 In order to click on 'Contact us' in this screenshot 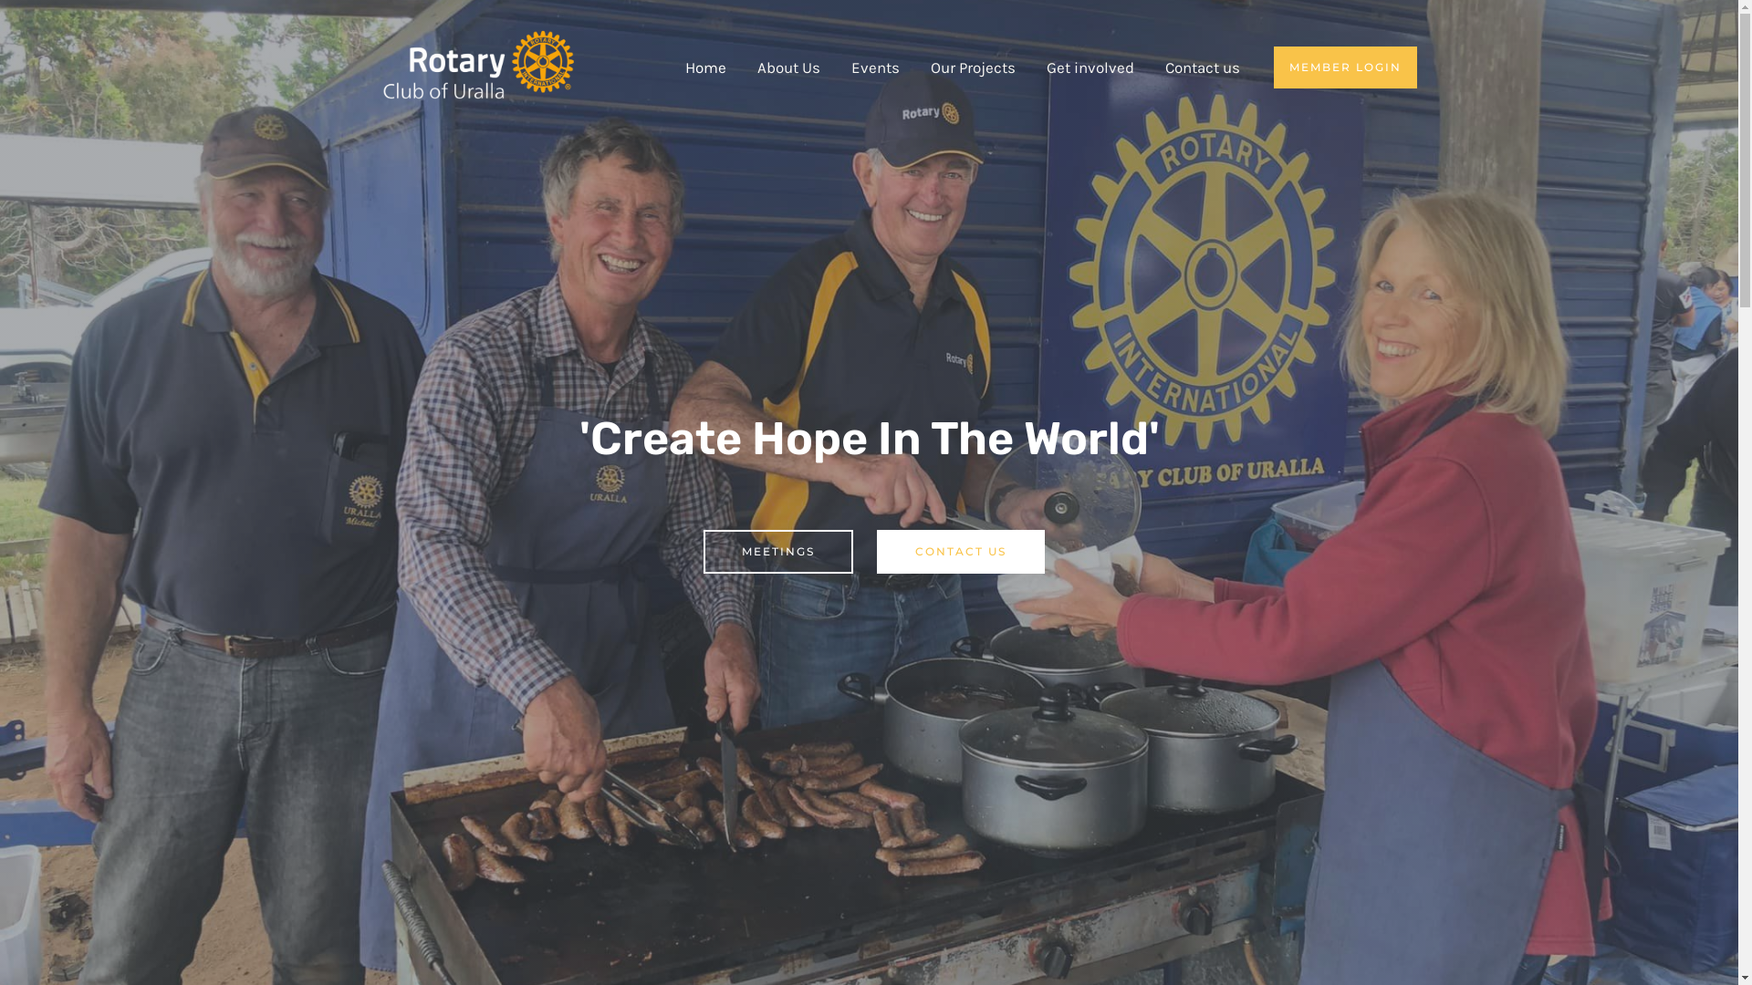, I will do `click(1203, 66)`.